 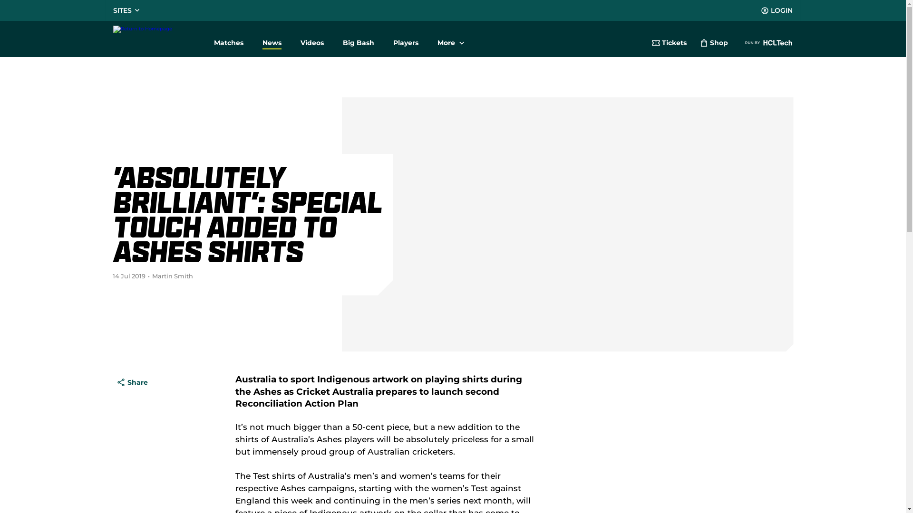 I want to click on 'Tickets', so click(x=668, y=44).